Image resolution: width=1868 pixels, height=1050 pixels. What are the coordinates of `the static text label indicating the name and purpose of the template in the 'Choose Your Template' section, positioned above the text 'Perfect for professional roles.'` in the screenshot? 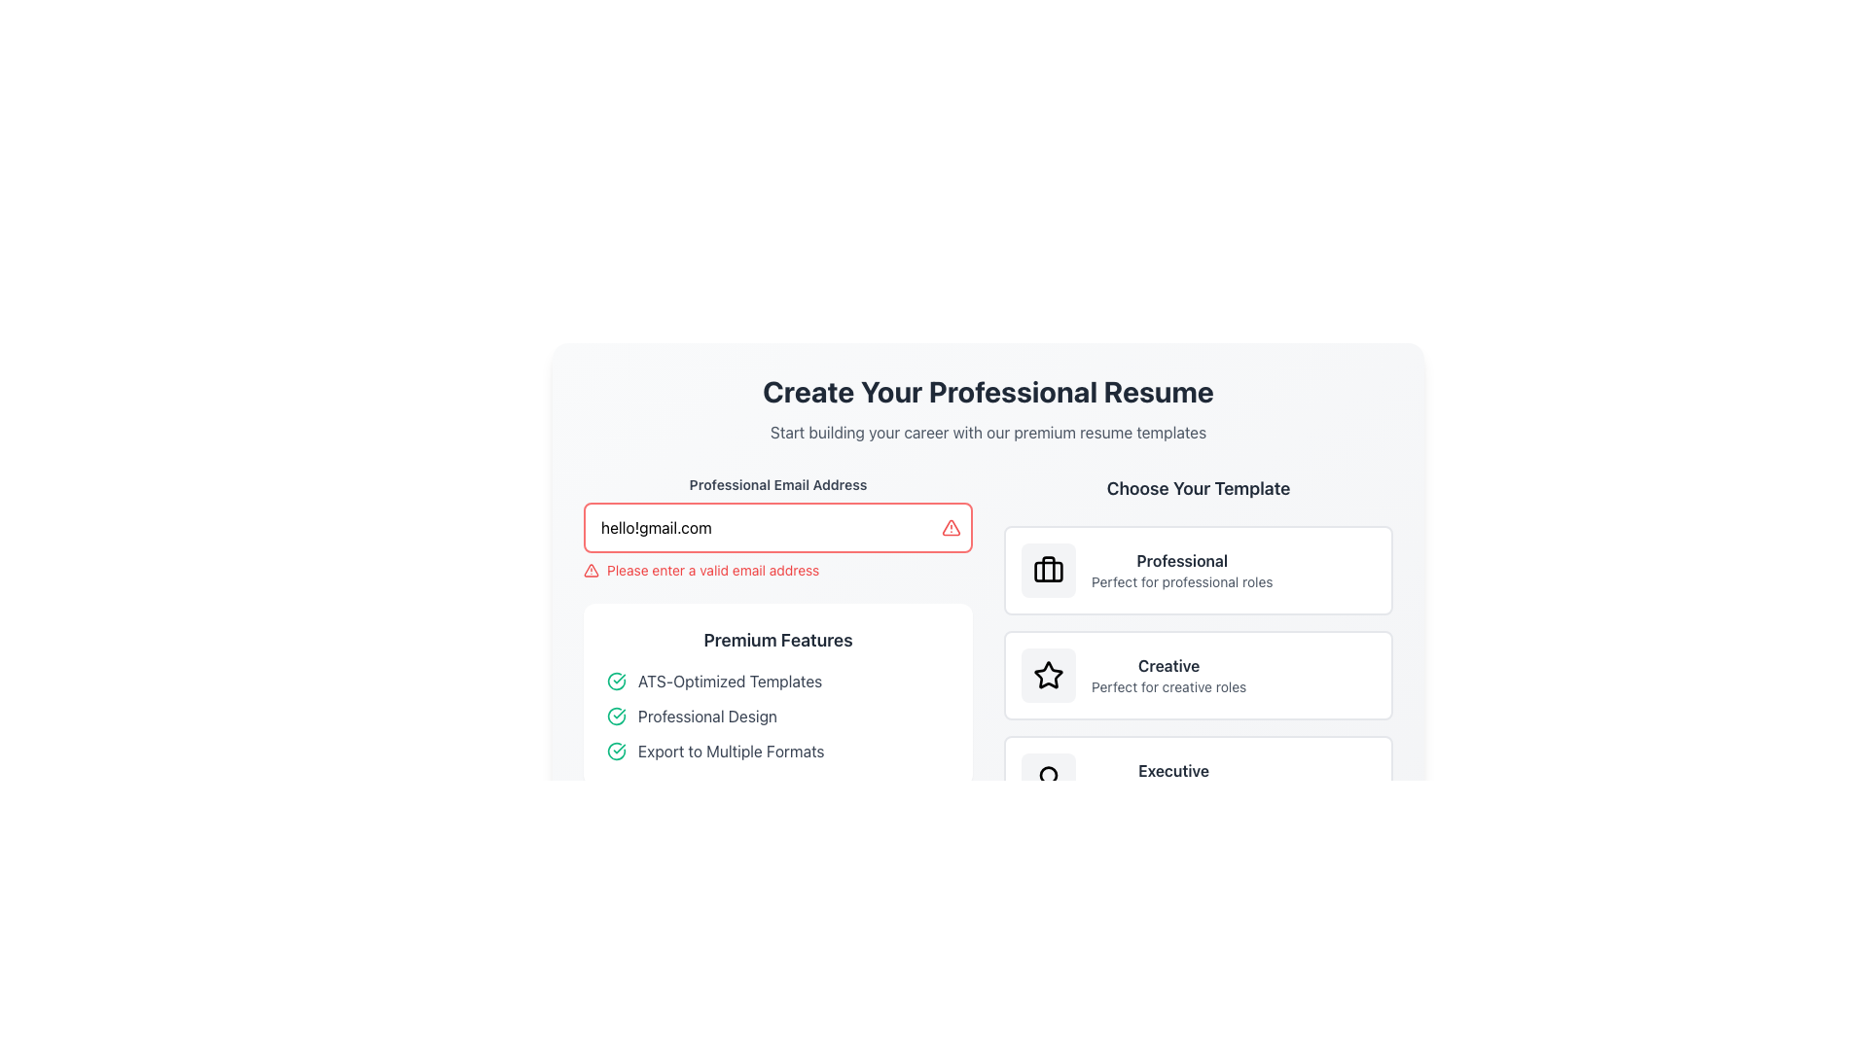 It's located at (1181, 561).